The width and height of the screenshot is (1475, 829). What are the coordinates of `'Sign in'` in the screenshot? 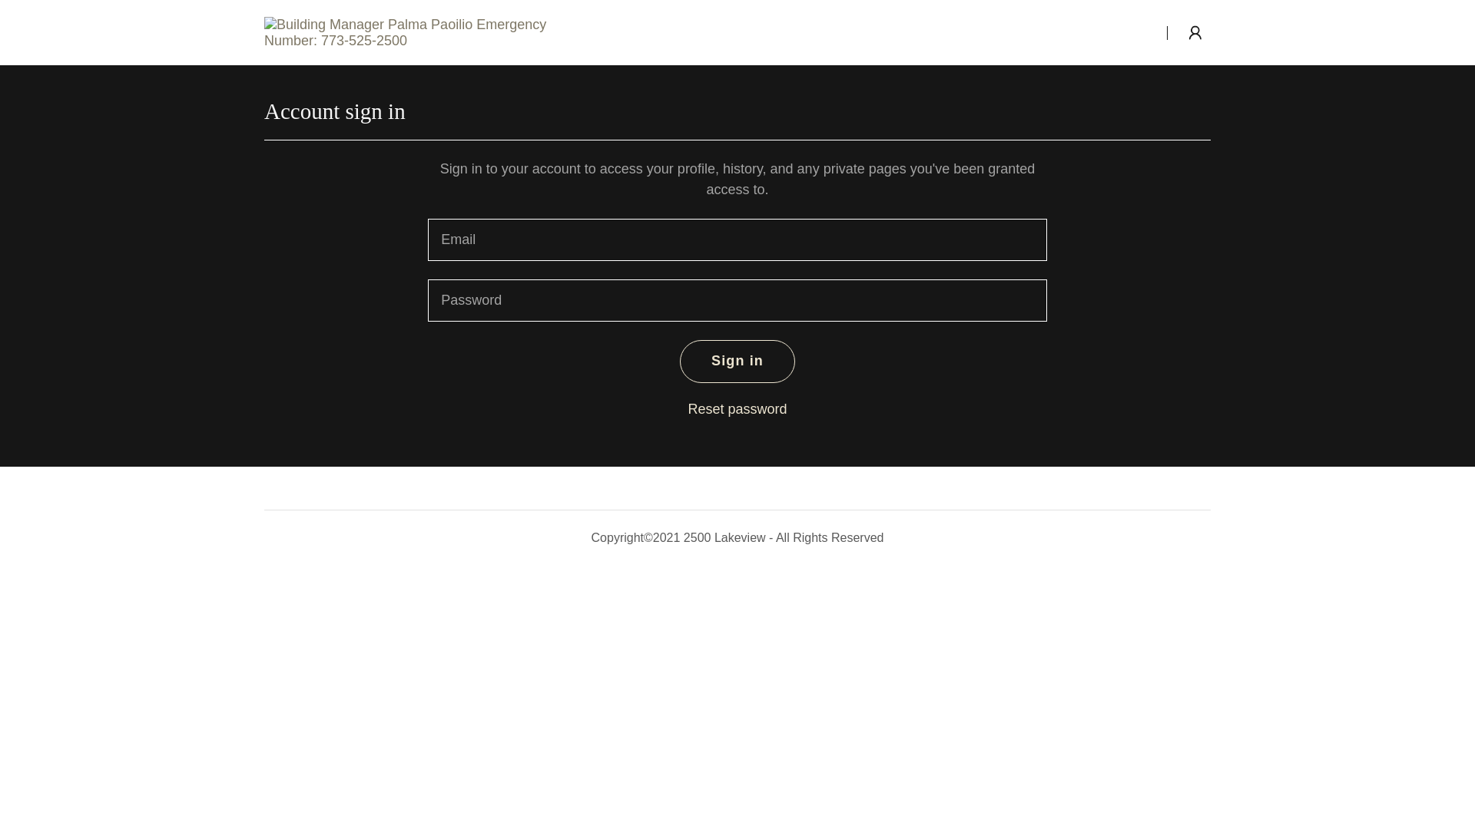 It's located at (737, 361).